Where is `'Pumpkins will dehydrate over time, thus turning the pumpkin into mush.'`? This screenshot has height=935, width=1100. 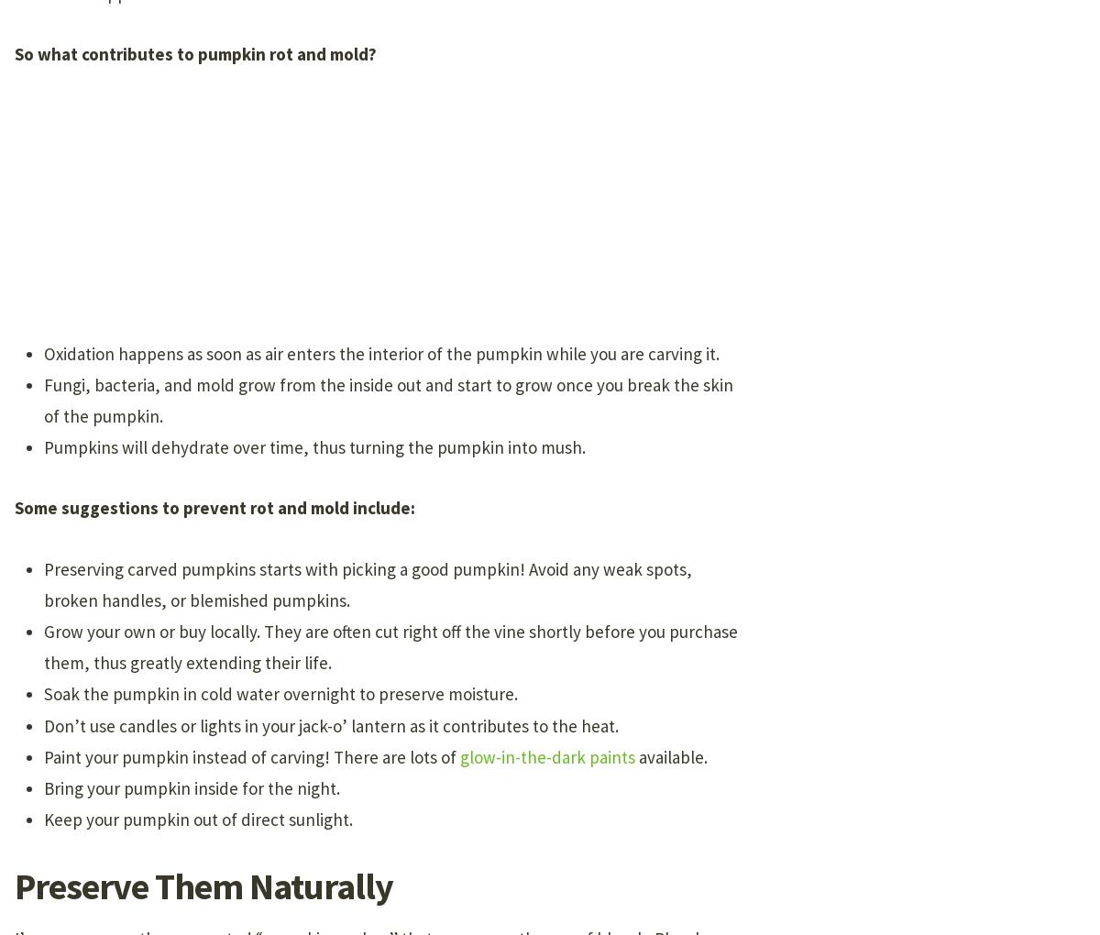
'Pumpkins will dehydrate over time, thus turning the pumpkin into mush.' is located at coordinates (44, 446).